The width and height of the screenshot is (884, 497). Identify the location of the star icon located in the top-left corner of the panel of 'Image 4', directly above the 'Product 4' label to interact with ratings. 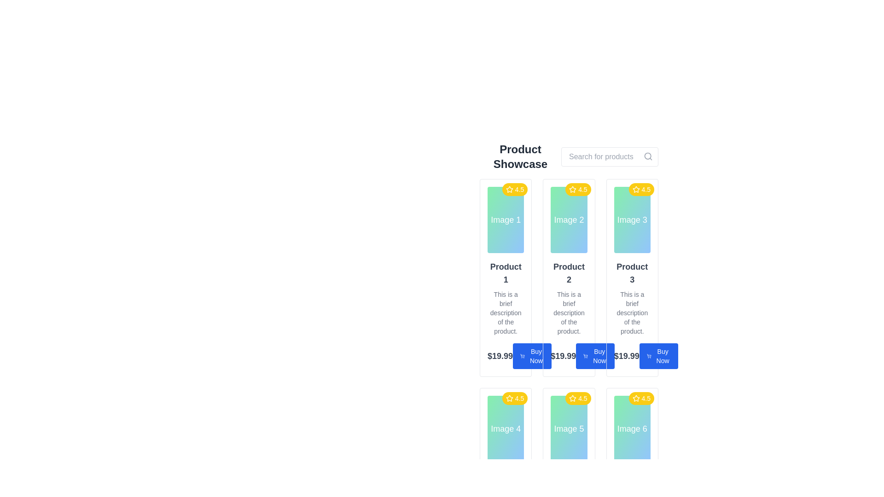
(509, 398).